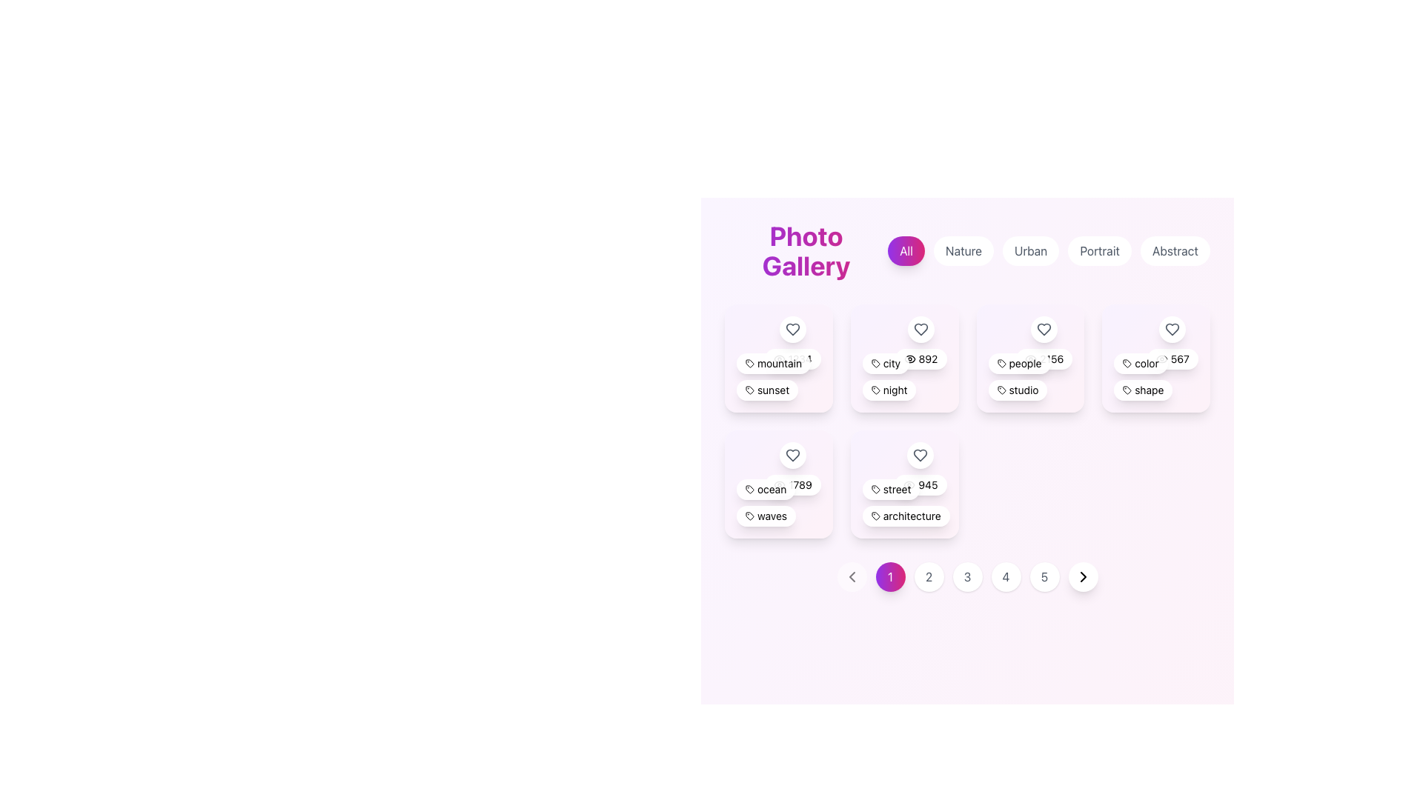 The image size is (1423, 800). I want to click on the Heart icon located in the first row of the last column of the grid layout, so click(1172, 328).